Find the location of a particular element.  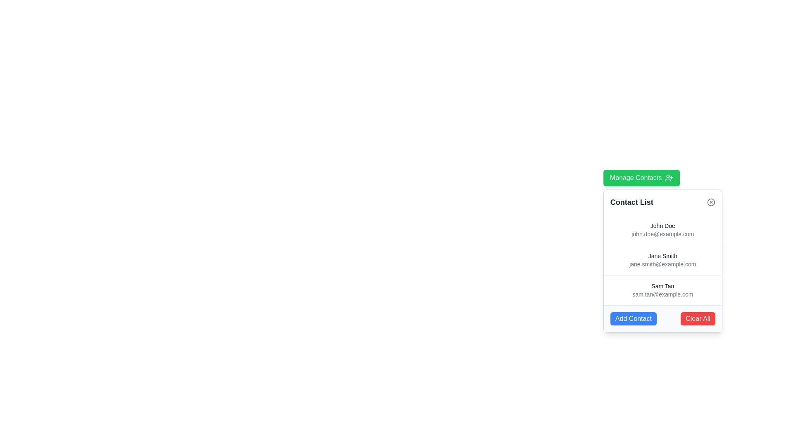

the text element displaying the email address 'jane.smith@example.com', which is positioned below 'Jane Smith' in the contact list item is located at coordinates (662, 264).